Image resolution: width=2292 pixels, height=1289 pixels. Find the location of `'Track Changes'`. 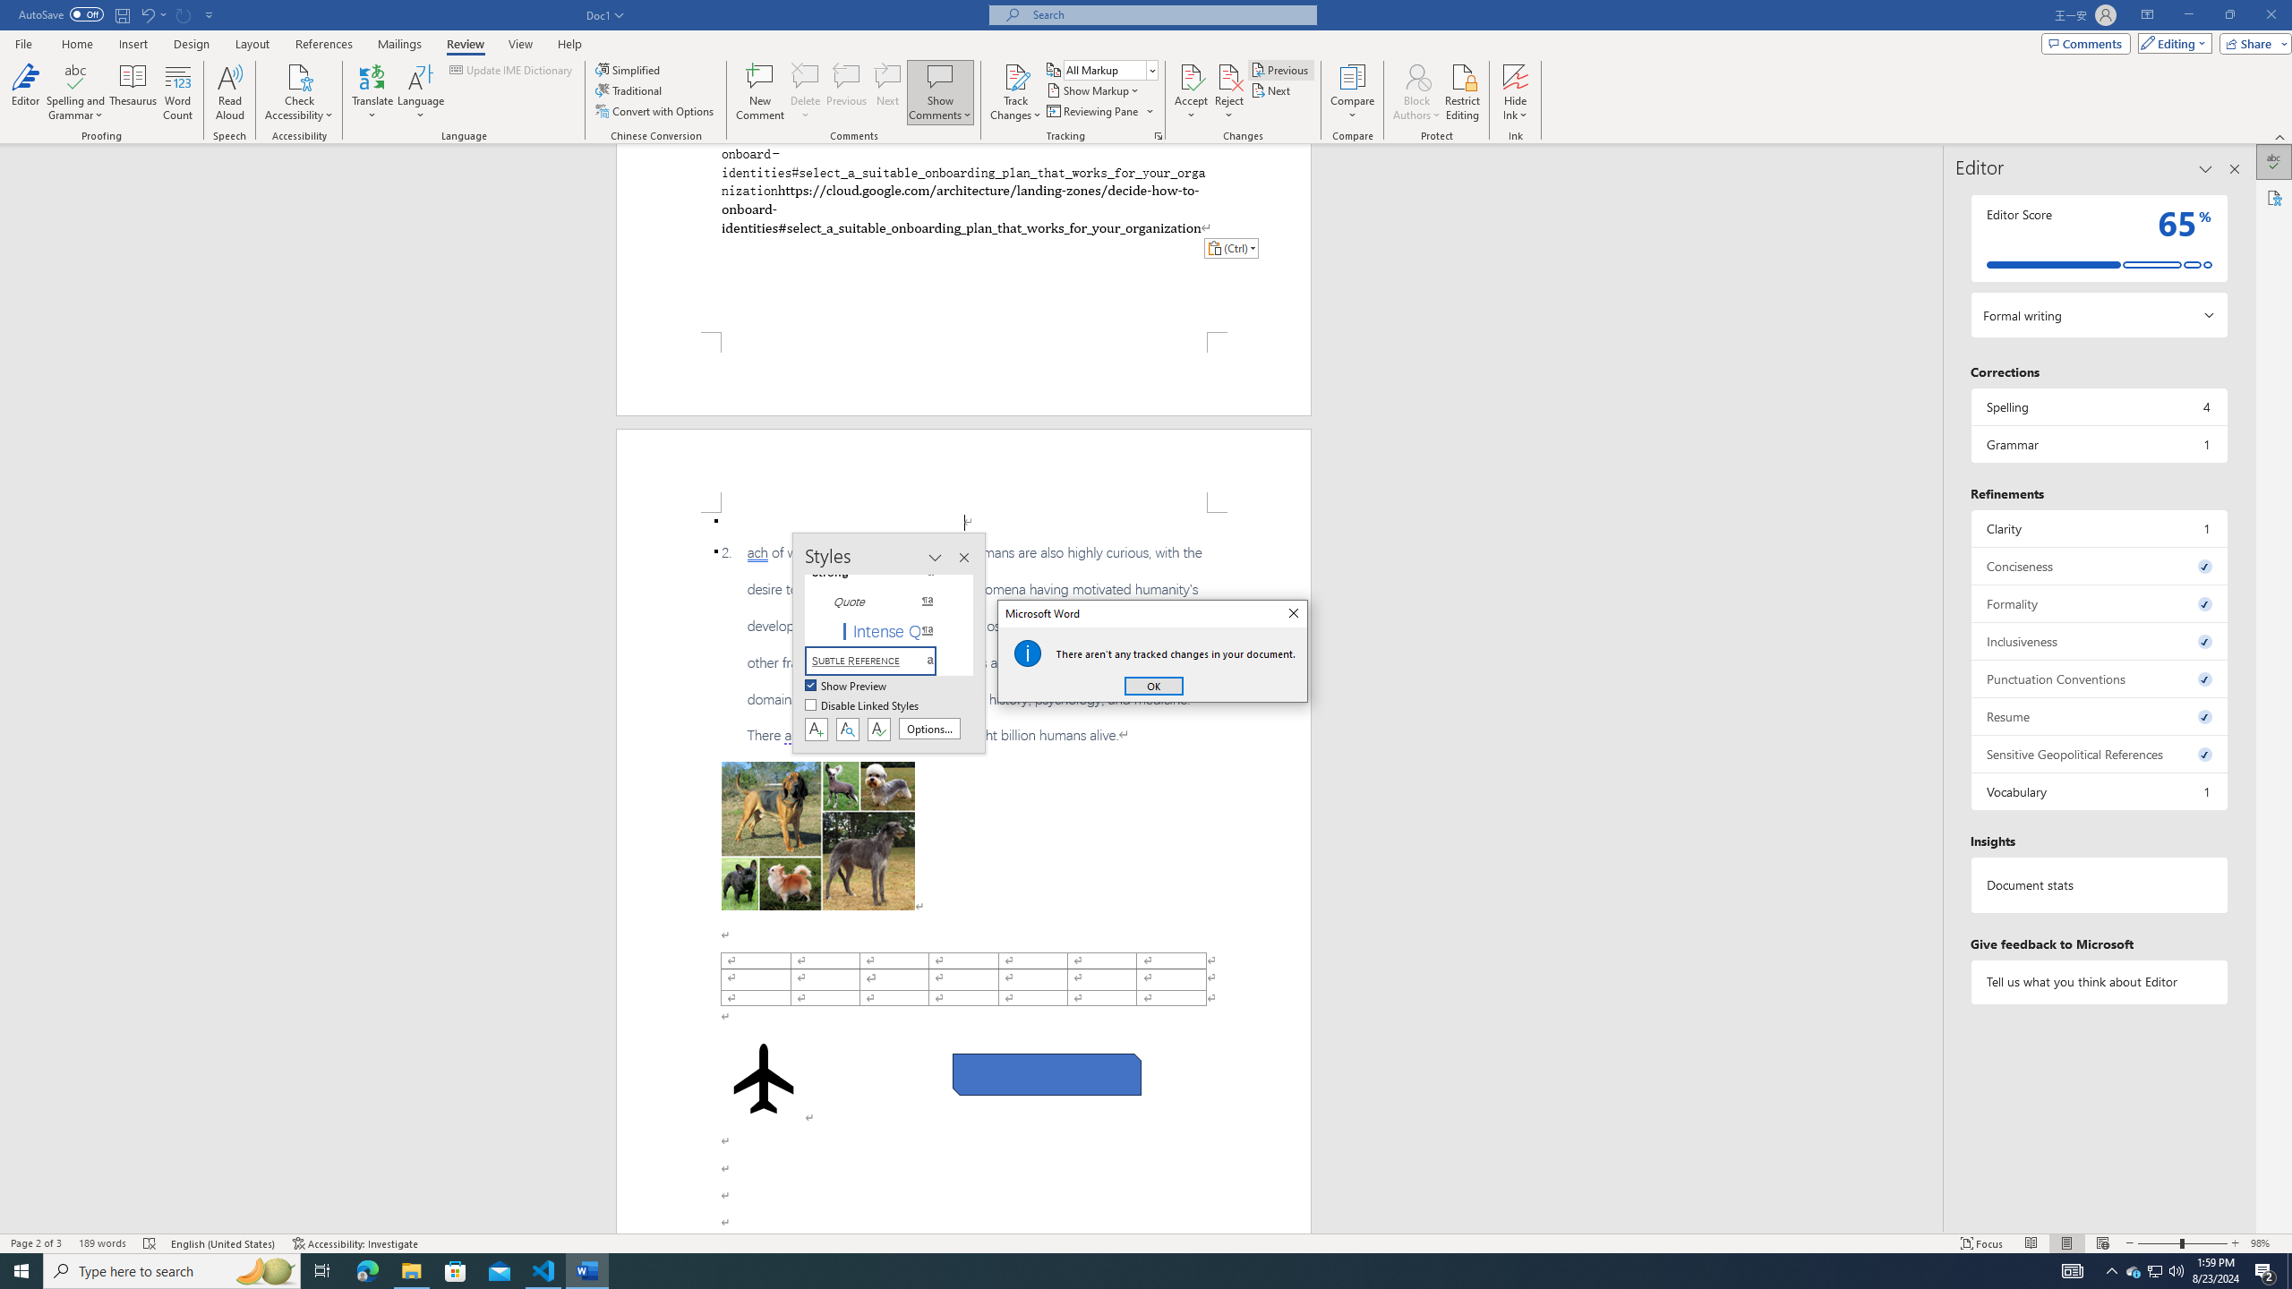

'Track Changes' is located at coordinates (1014, 75).